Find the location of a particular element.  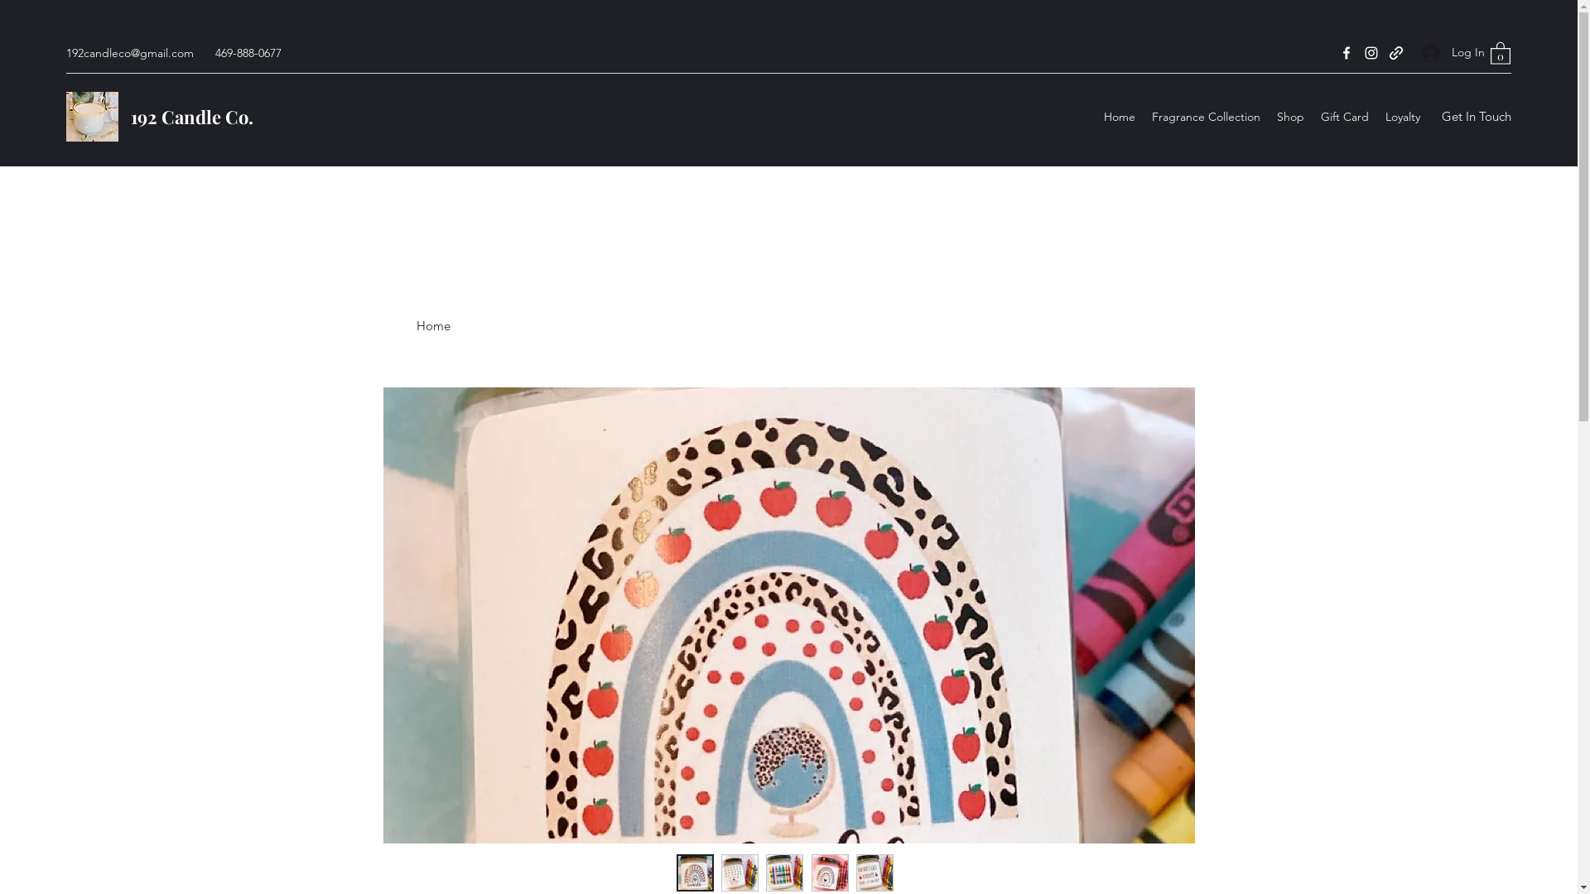

'Shop' is located at coordinates (1267, 116).